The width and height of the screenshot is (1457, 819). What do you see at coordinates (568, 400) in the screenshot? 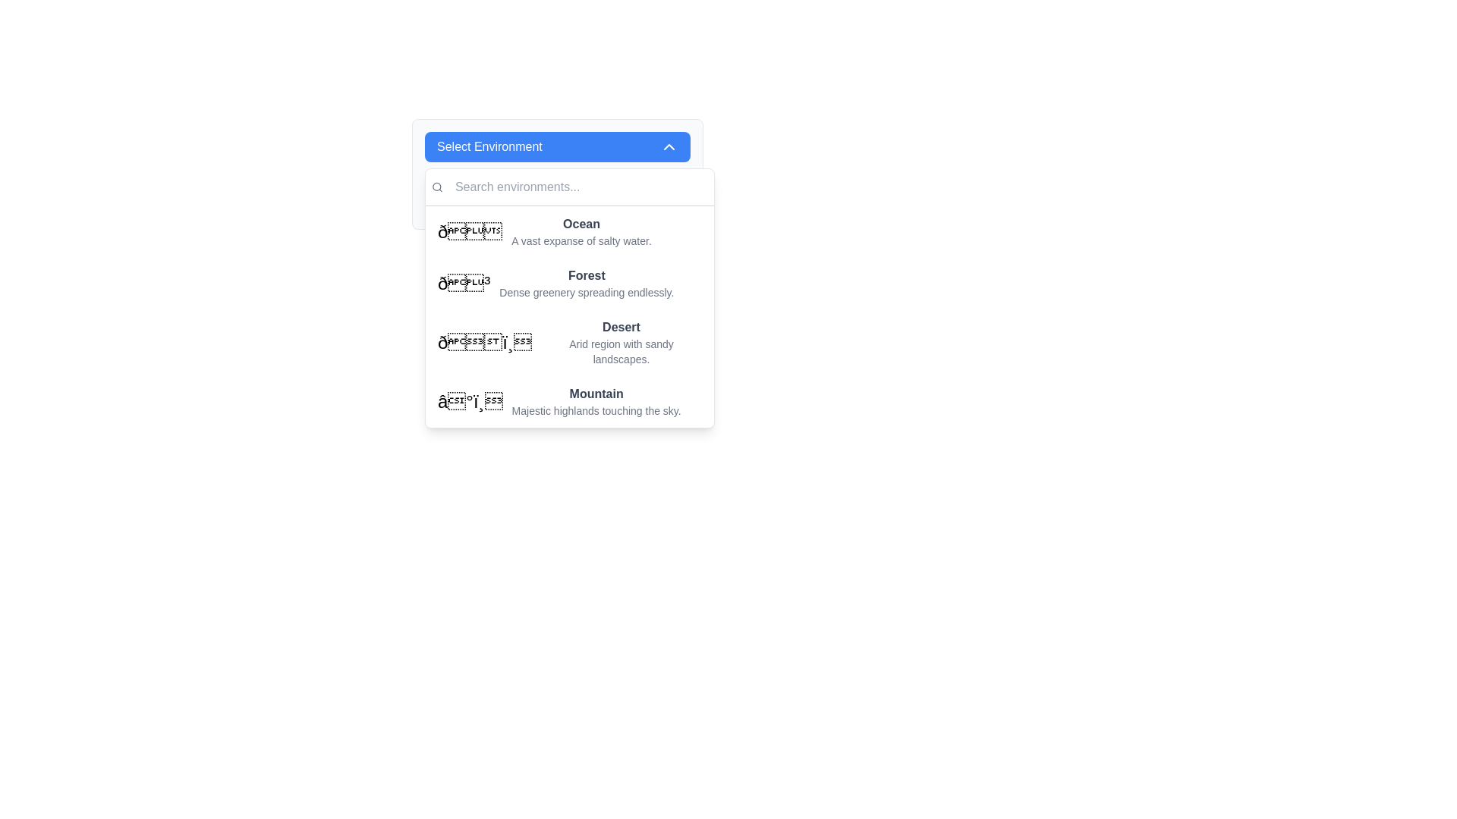
I see `to select the 'Mountain' option from the dropdown menu, which is the fourth item in the list, positioned at the bottommost part of the visible area` at bounding box center [568, 400].